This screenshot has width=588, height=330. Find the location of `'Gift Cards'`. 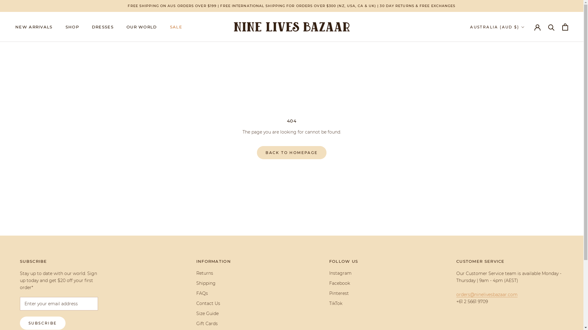

'Gift Cards' is located at coordinates (213, 323).